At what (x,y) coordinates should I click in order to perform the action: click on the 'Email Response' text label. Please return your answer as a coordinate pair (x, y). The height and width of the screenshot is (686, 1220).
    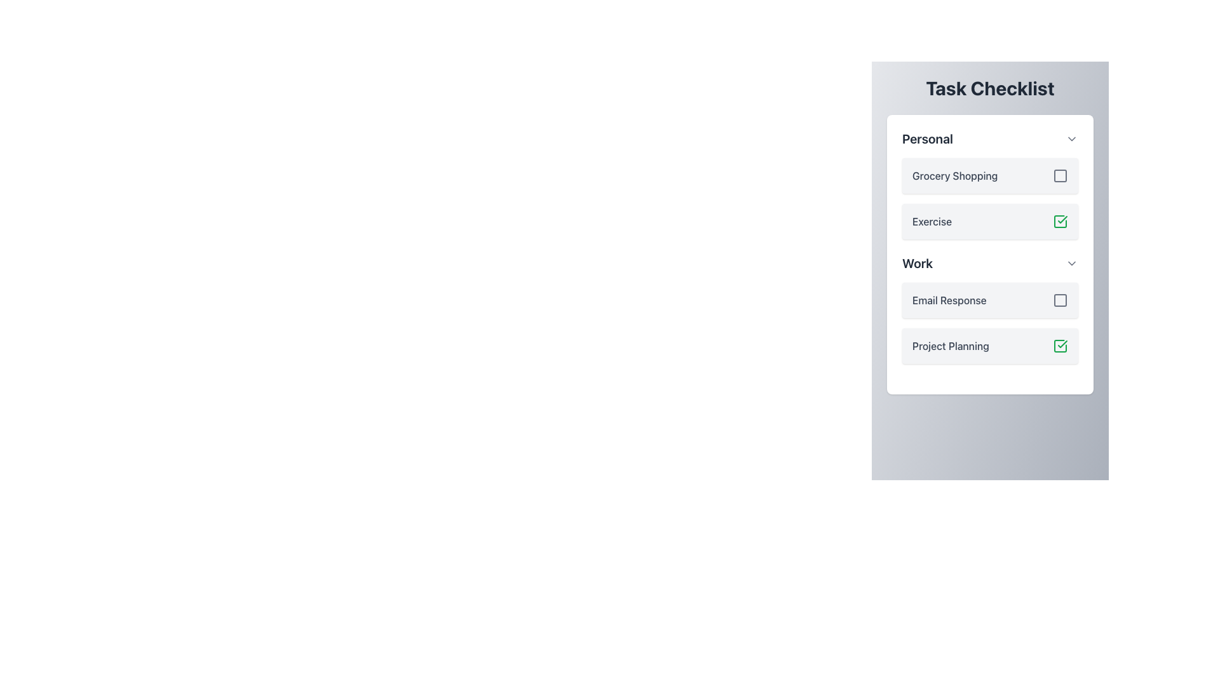
    Looking at the image, I should click on (949, 300).